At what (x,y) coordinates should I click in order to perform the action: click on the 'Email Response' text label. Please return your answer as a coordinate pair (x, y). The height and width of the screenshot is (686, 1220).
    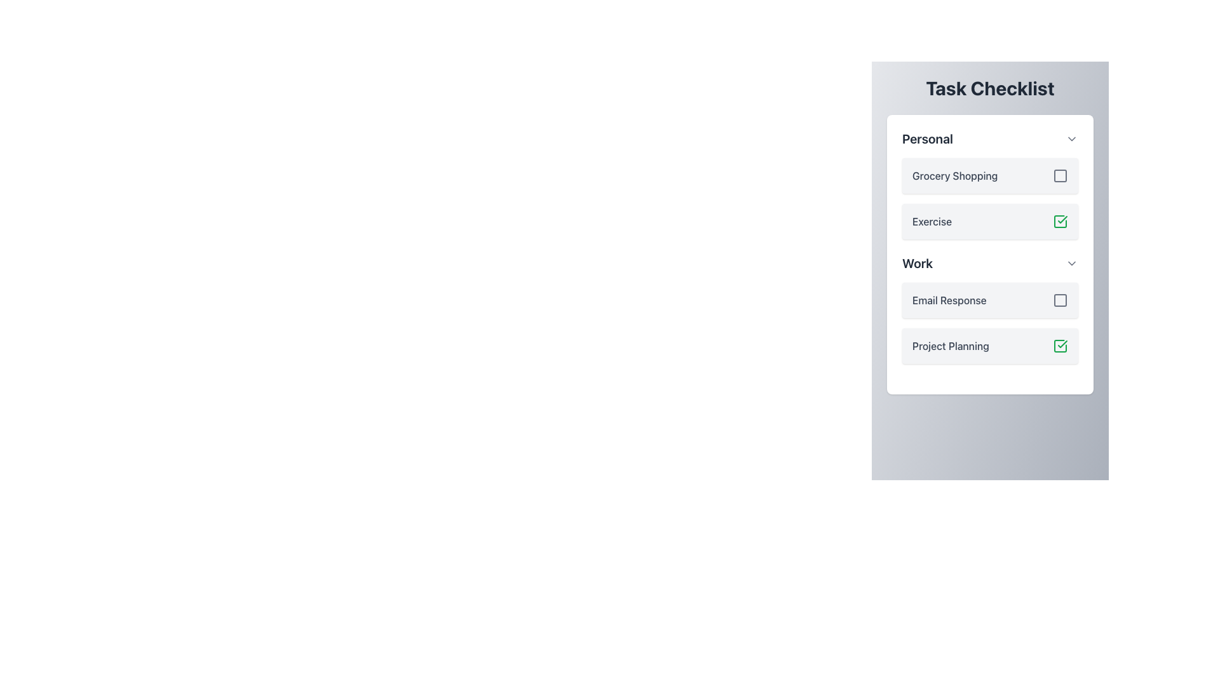
    Looking at the image, I should click on (949, 300).